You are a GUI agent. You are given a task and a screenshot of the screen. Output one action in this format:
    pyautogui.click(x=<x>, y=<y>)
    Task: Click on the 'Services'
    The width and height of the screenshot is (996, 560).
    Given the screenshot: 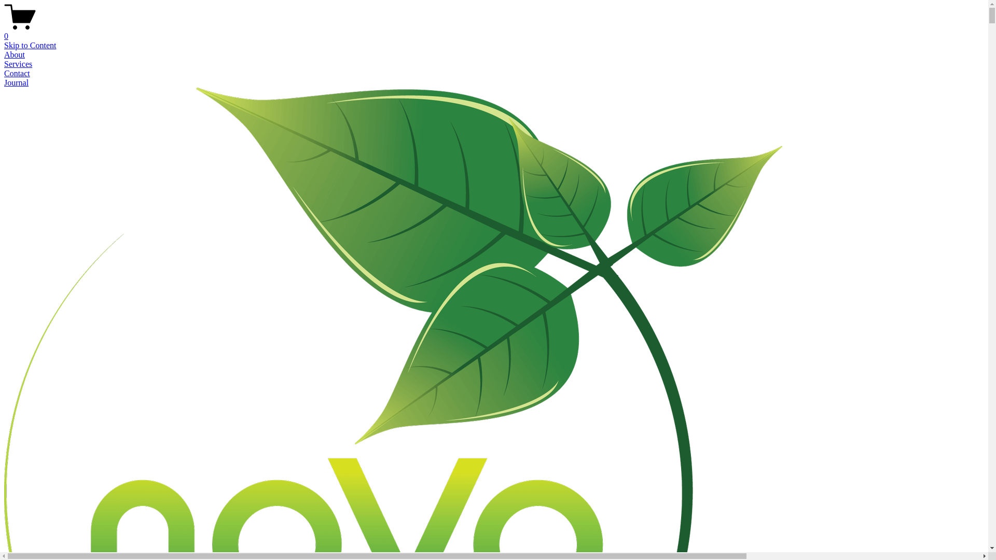 What is the action you would take?
    pyautogui.click(x=18, y=64)
    